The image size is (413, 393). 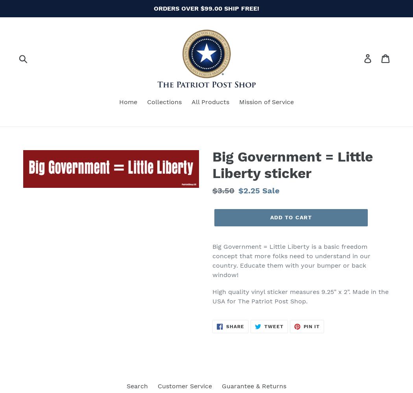 What do you see at coordinates (291, 260) in the screenshot?
I see `'Big Government = Little Liberty is a basic freedom concept that more folks need to understand in our country. Educate them with your bumper or back window!'` at bounding box center [291, 260].